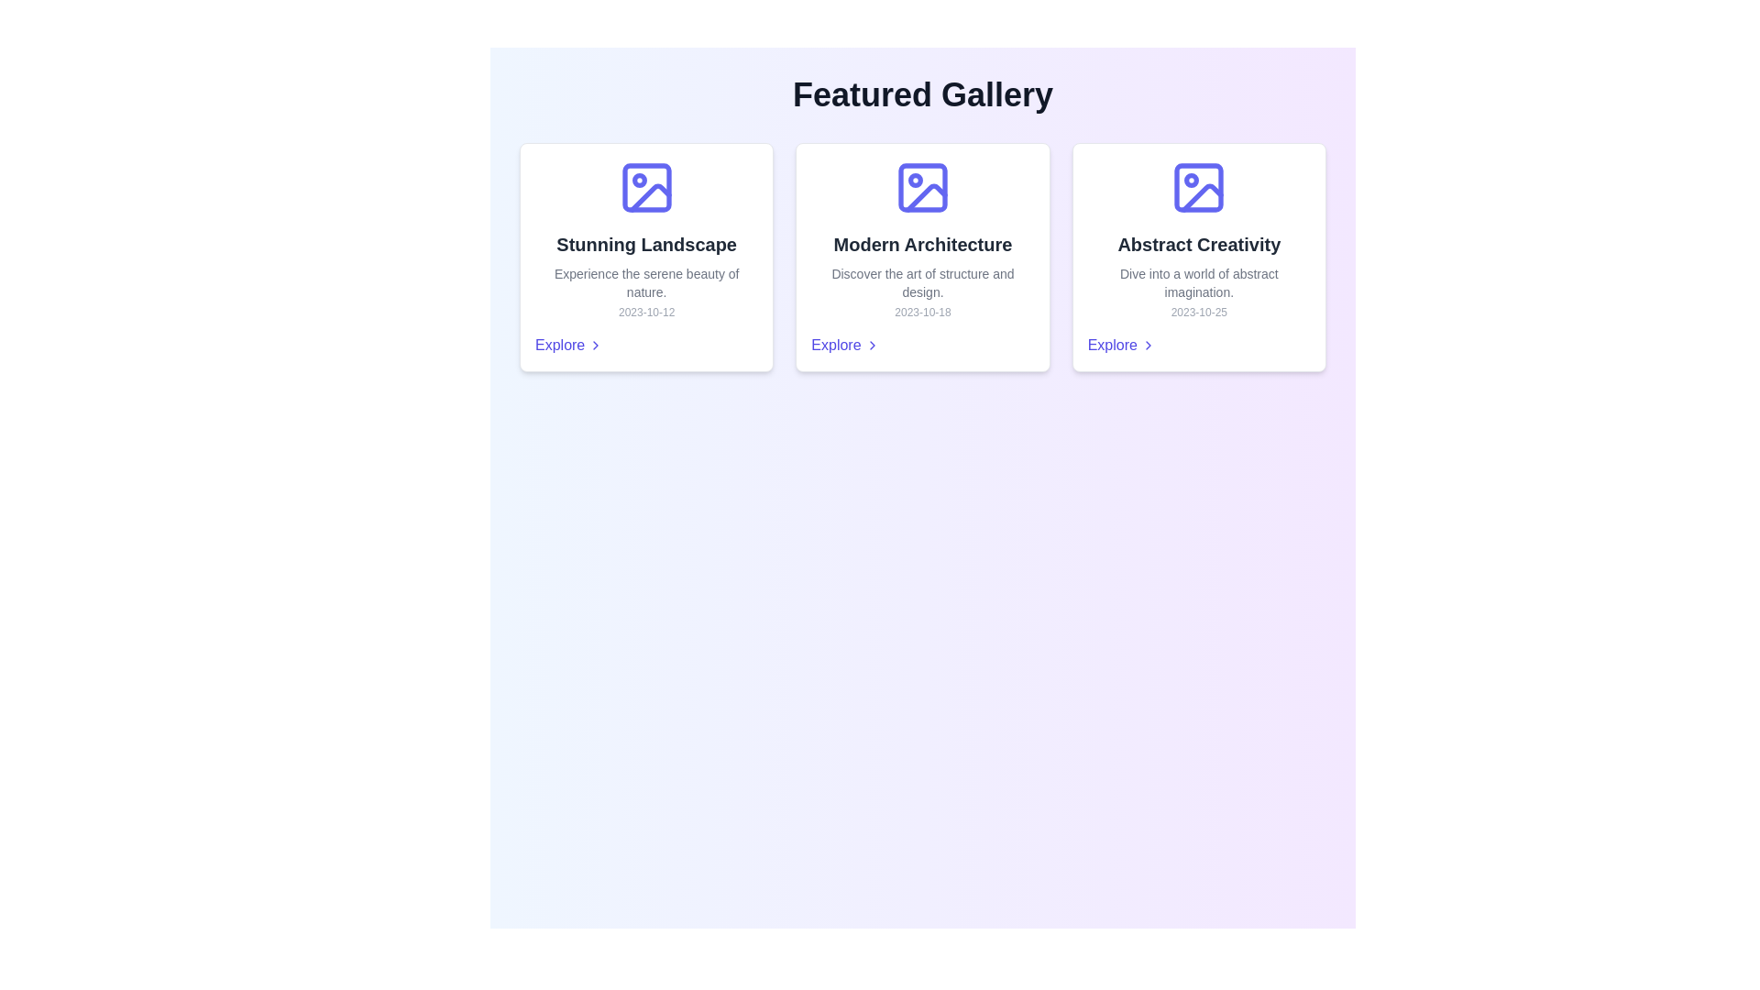 The height and width of the screenshot is (990, 1760). Describe the element at coordinates (646, 311) in the screenshot. I see `the Text Label that presents a date, located below the description 'Experience the serene beauty of nature.' and above the 'Explore' link` at that location.